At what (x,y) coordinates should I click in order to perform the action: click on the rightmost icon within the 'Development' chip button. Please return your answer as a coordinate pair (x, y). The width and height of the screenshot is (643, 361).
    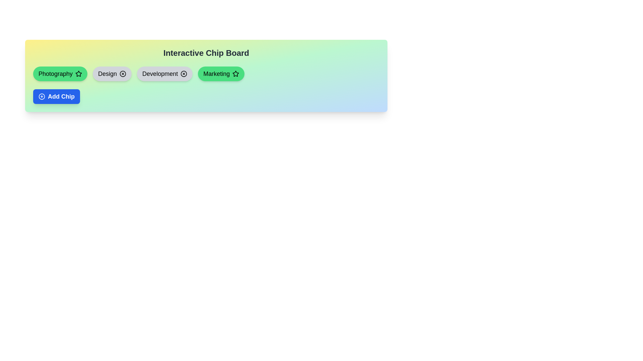
    Looking at the image, I should click on (184, 74).